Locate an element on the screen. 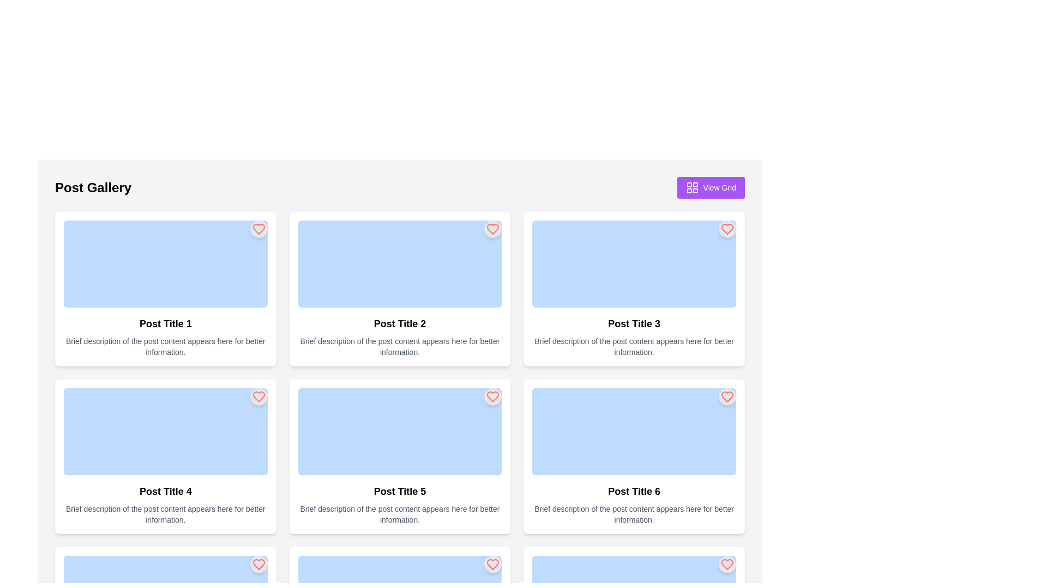 The image size is (1047, 588). the heart-shaped icon in the top-right corner of the 'Post Title 3' card is located at coordinates (727, 228).